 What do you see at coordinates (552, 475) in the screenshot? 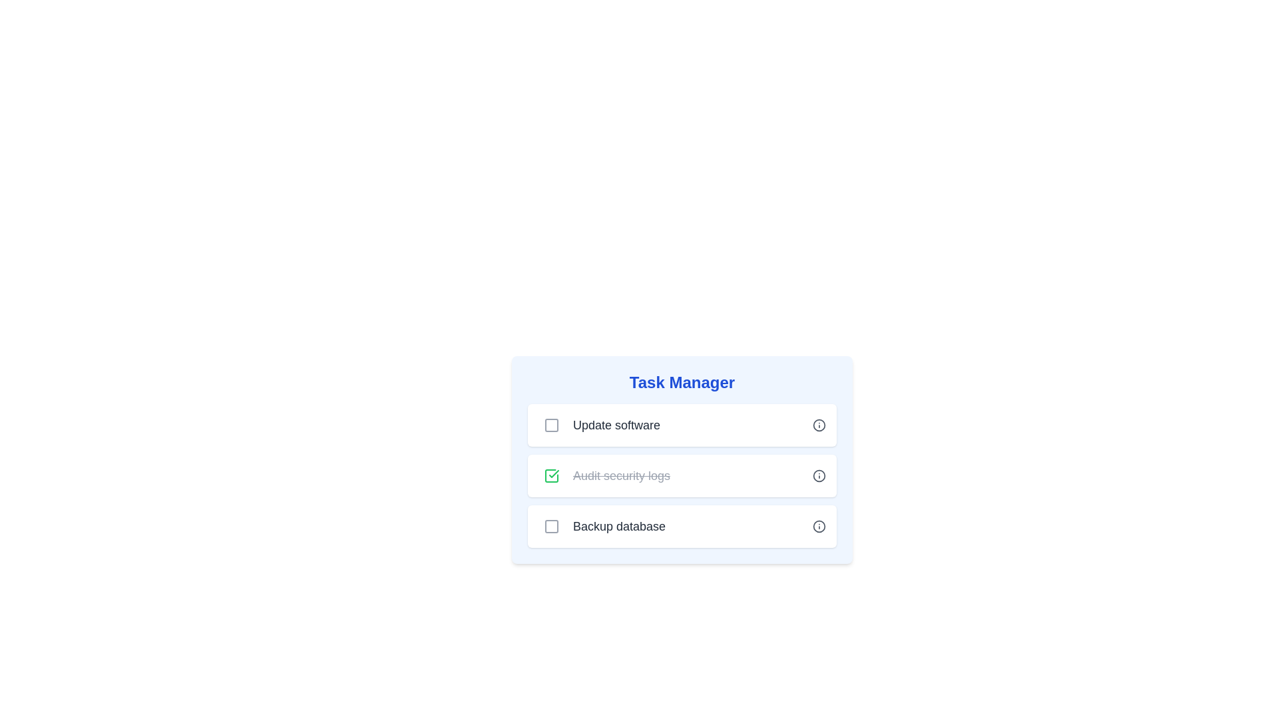
I see `the checkbox next to the 'Audit security logs' text in the Task Manager` at bounding box center [552, 475].